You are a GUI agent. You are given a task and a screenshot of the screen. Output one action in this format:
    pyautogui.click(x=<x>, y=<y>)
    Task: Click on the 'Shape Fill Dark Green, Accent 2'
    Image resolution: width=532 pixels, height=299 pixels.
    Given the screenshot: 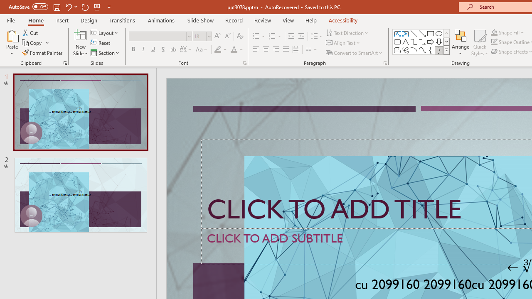 What is the action you would take?
    pyautogui.click(x=494, y=32)
    